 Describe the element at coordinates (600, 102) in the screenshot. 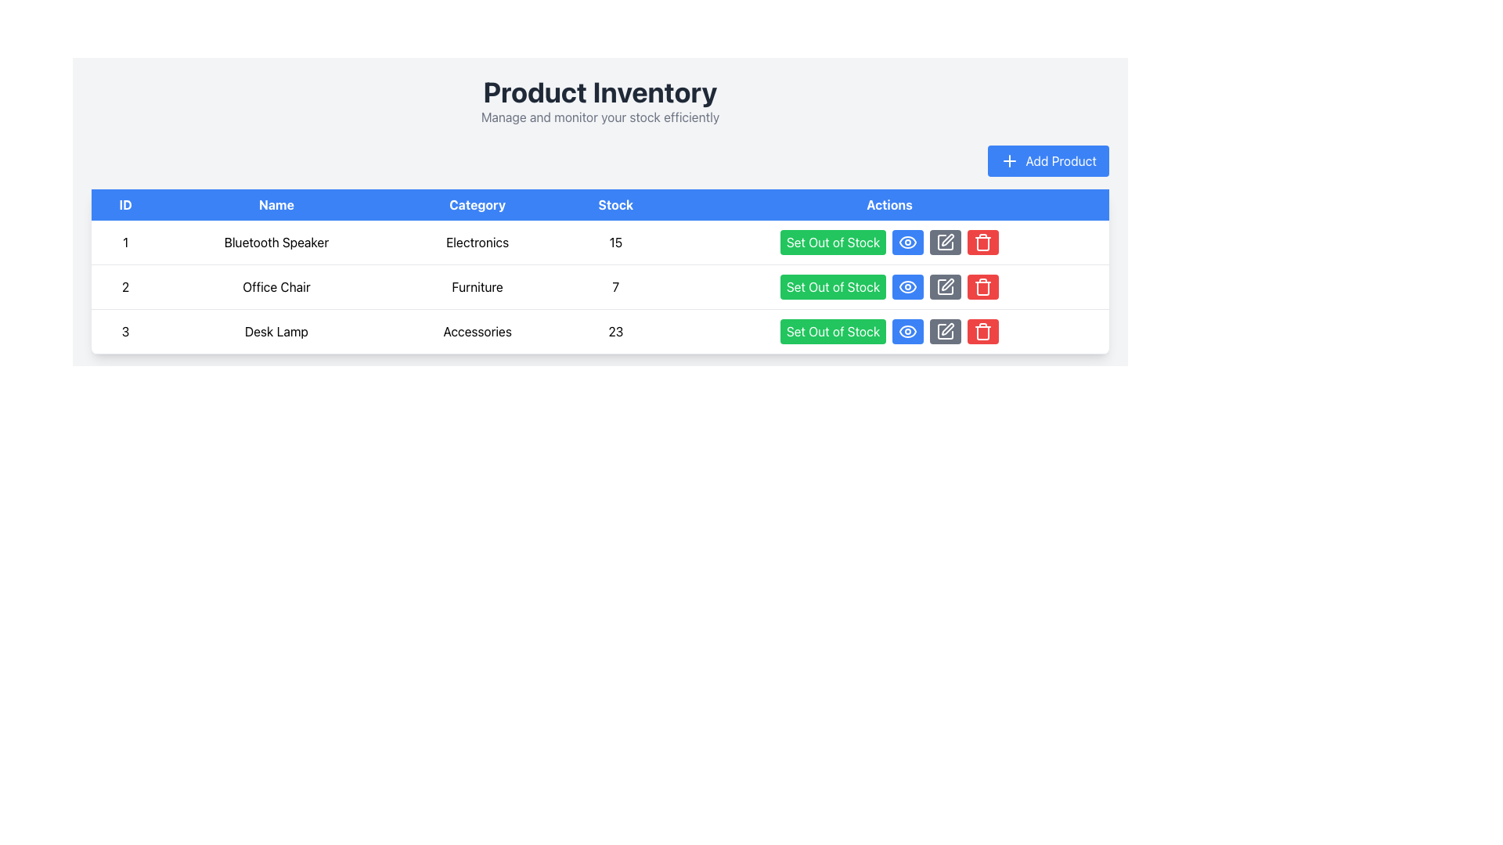

I see `the Header with the title 'Product Inventory' and subtext 'Manage and monitor your stock efficiently' located at the top-center of the interface` at that location.